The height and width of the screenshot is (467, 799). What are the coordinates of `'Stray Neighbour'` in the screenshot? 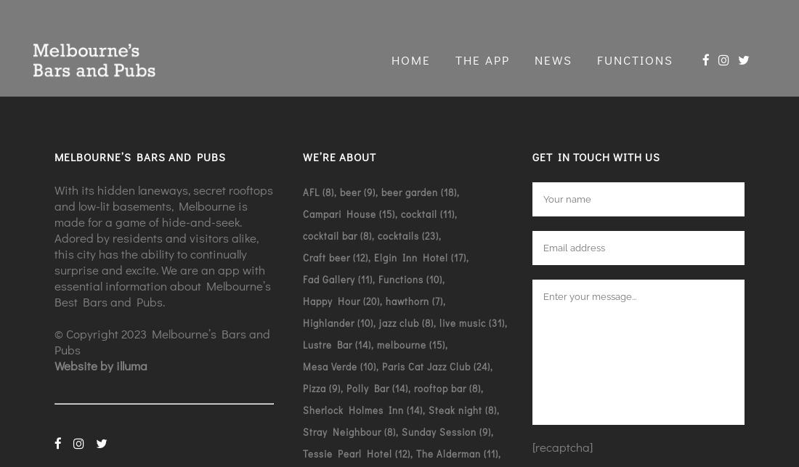 It's located at (341, 430).